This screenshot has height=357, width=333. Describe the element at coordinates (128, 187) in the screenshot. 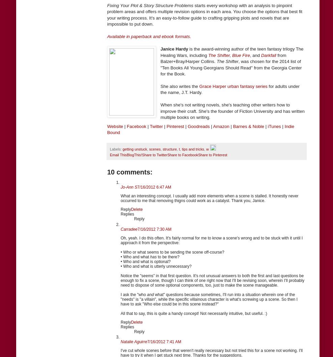

I see `'Jo-Ann S'` at that location.